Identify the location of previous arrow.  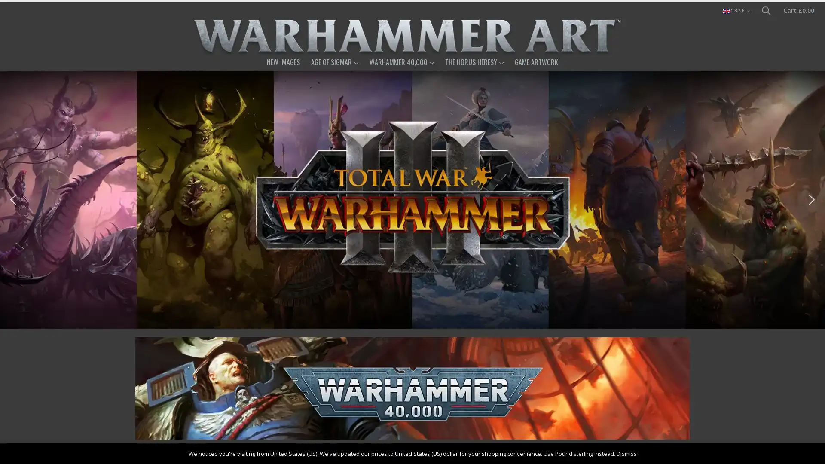
(13, 199).